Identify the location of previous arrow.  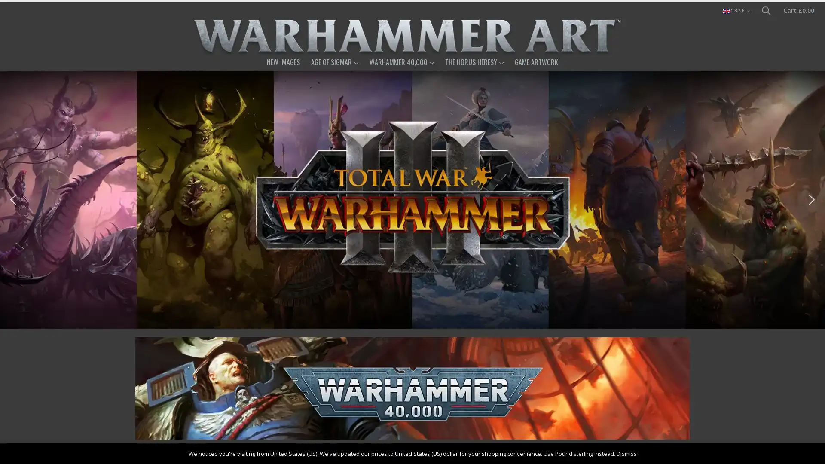
(13, 199).